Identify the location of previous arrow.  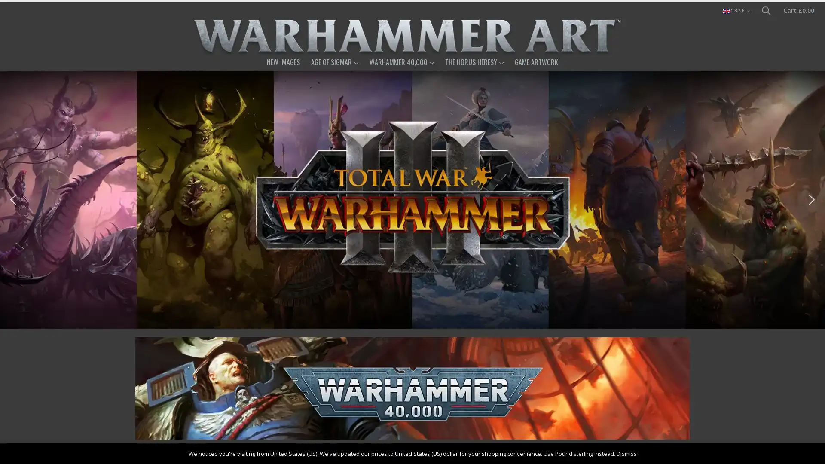
(13, 199).